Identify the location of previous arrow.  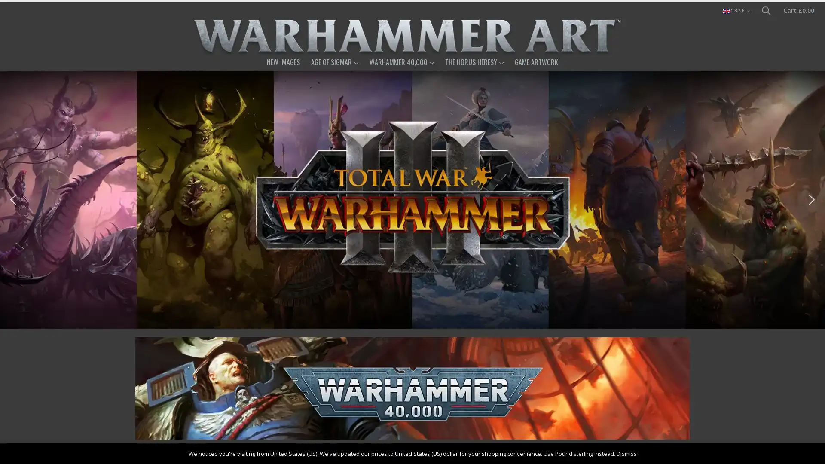
(13, 199).